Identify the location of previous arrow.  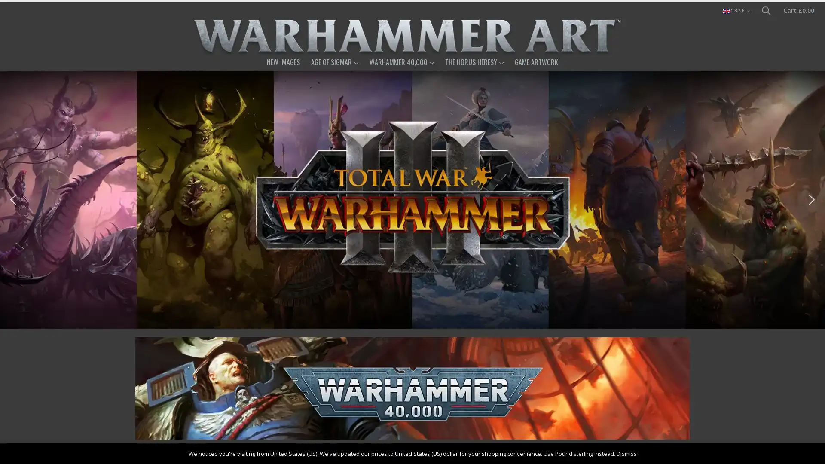
(13, 199).